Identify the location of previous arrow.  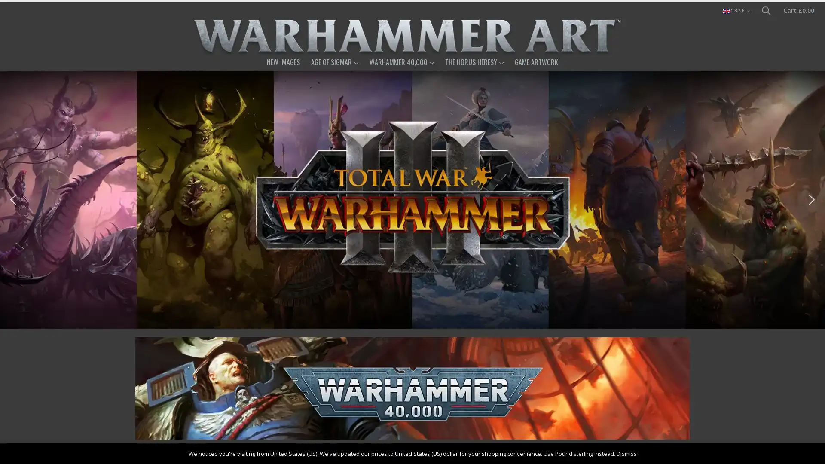
(13, 199).